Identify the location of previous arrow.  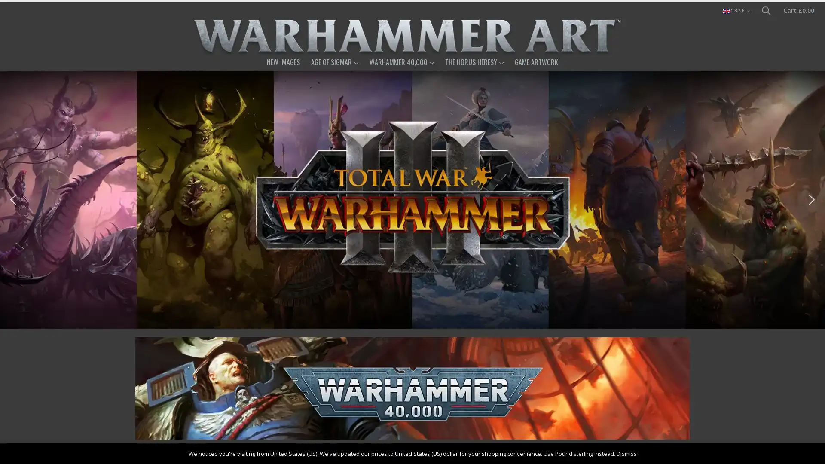
(13, 199).